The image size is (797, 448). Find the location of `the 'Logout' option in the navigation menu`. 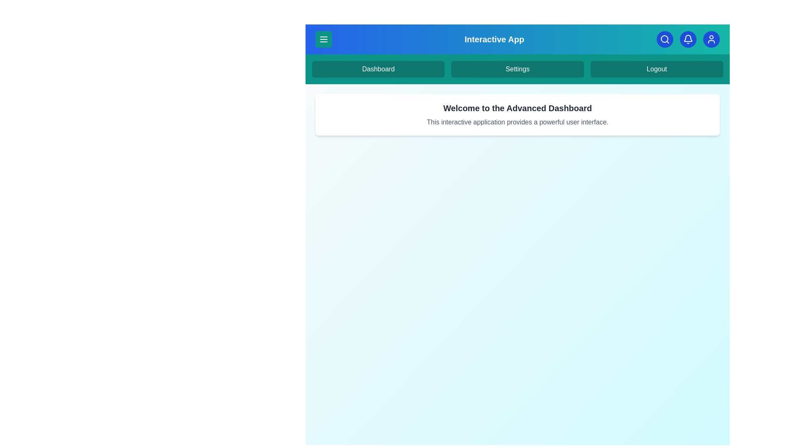

the 'Logout' option in the navigation menu is located at coordinates (656, 68).